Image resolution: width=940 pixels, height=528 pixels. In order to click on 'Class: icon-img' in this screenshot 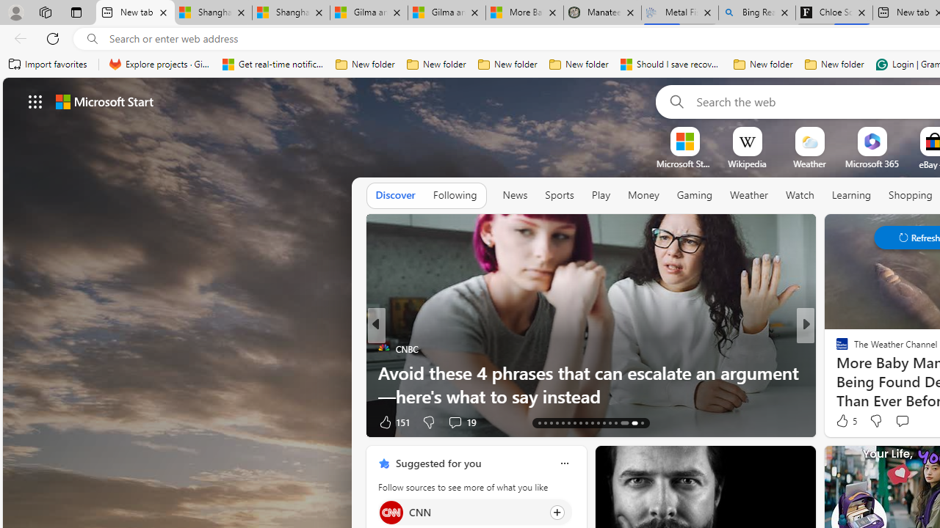, I will do `click(563, 463)`.